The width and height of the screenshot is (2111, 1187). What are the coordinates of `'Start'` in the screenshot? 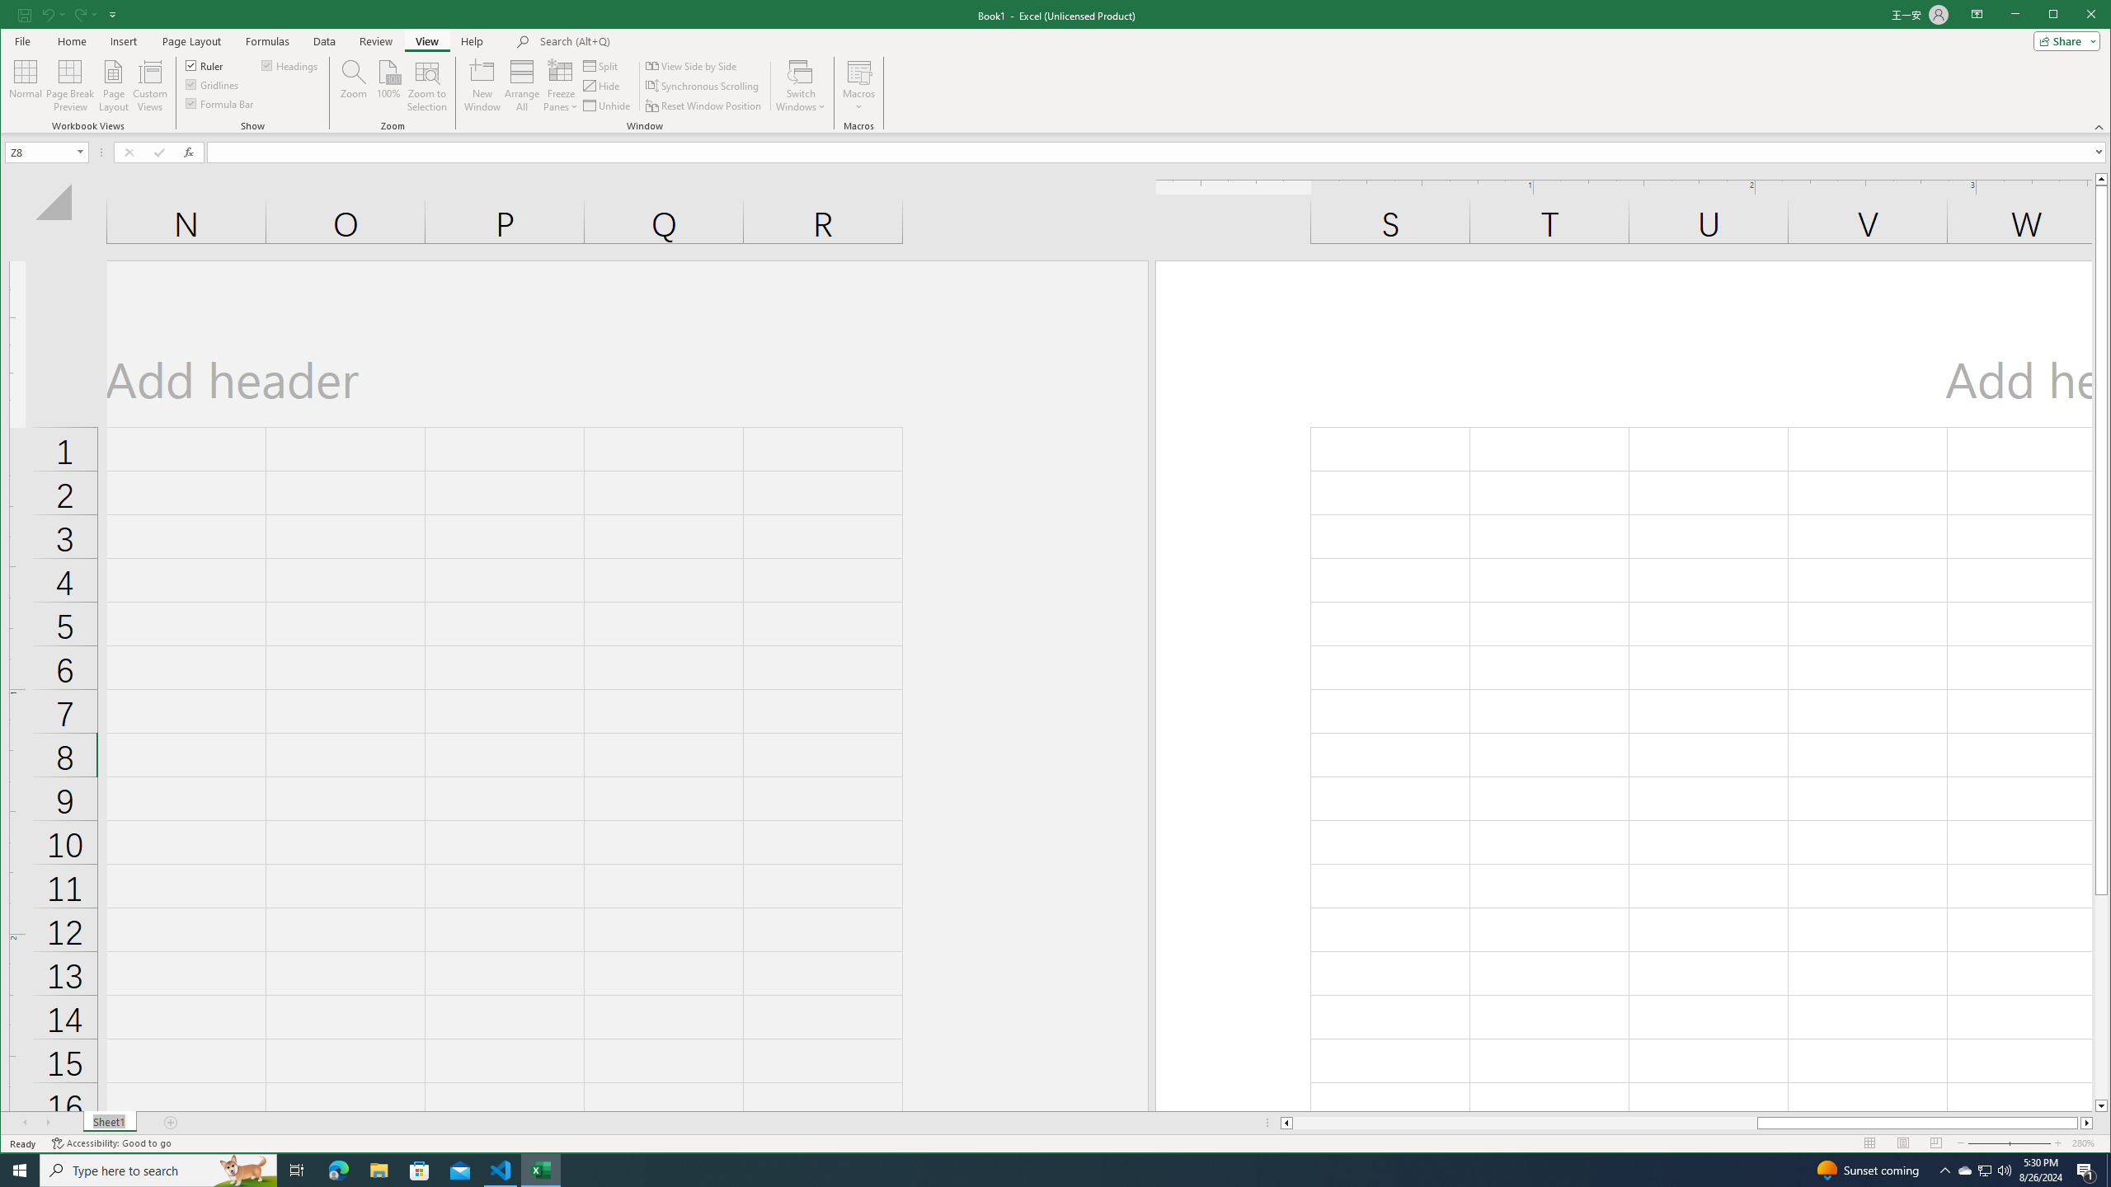 It's located at (20, 1169).